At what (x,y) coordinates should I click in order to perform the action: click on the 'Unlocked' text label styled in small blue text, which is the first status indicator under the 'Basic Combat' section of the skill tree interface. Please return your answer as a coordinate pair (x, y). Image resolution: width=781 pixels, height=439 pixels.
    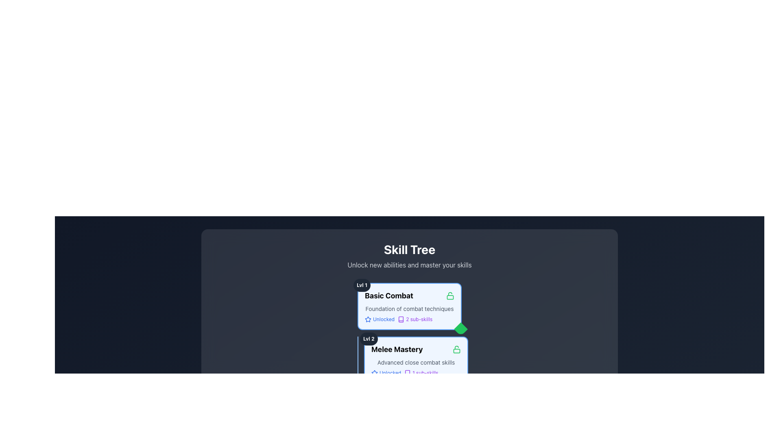
    Looking at the image, I should click on (379, 319).